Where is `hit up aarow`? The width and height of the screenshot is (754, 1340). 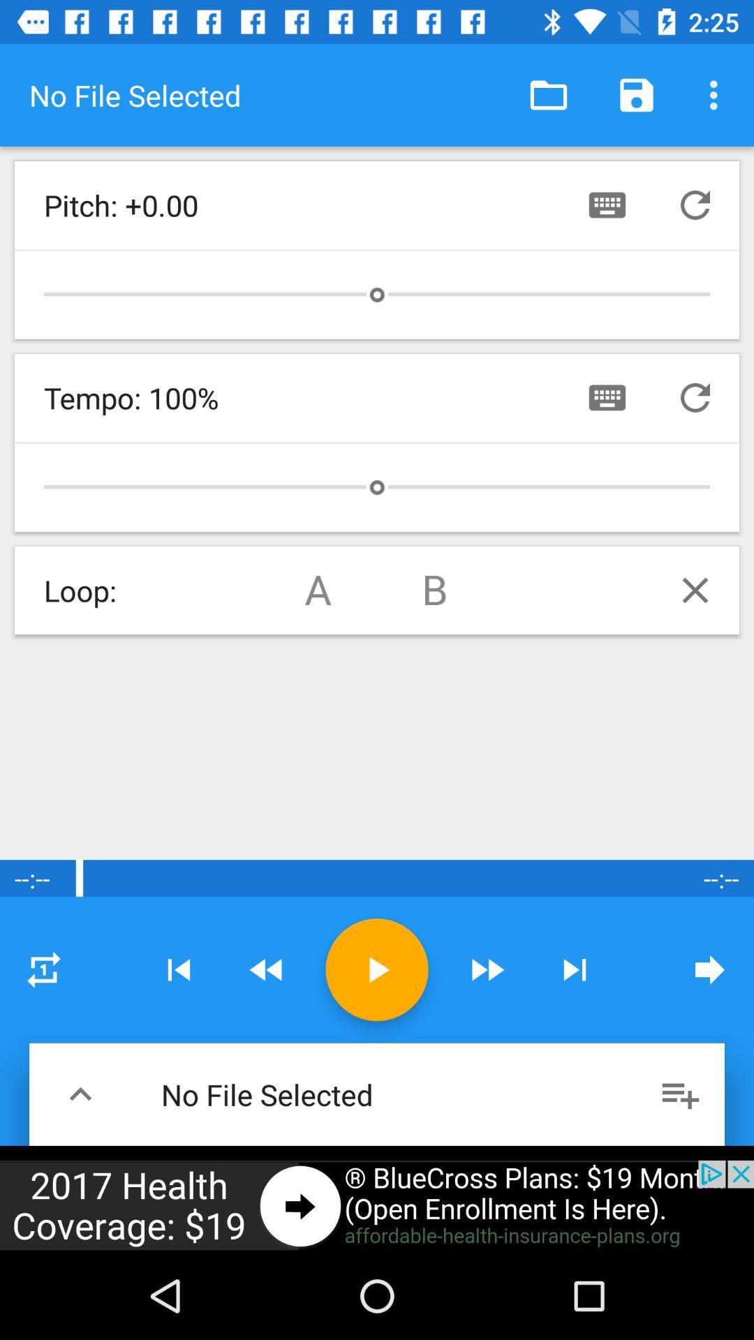
hit up aarow is located at coordinates (80, 1094).